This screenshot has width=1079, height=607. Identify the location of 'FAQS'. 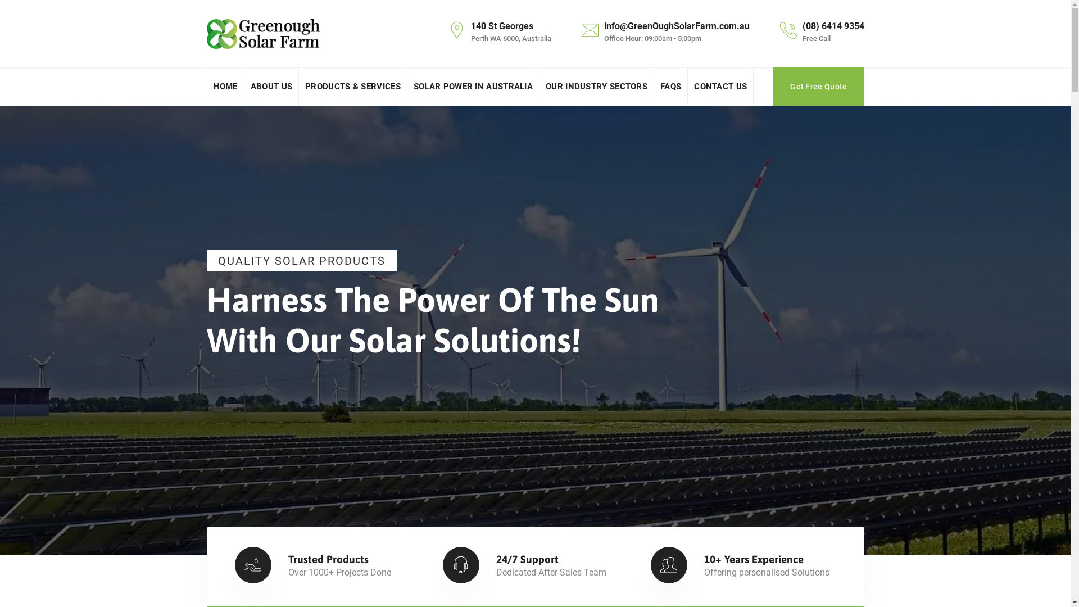
(670, 86).